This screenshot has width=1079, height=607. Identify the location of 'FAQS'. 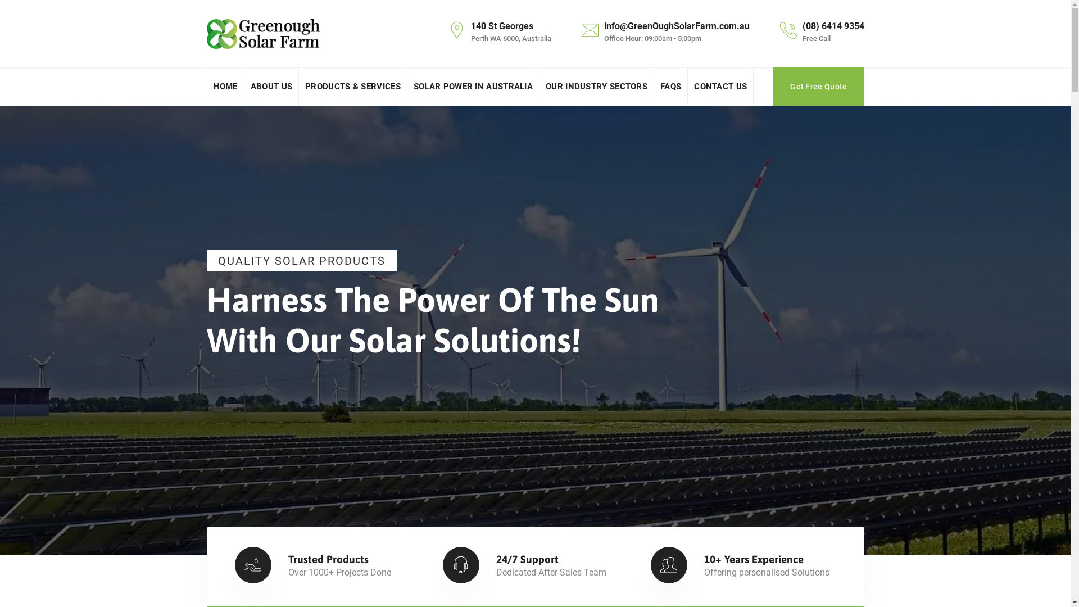
(670, 86).